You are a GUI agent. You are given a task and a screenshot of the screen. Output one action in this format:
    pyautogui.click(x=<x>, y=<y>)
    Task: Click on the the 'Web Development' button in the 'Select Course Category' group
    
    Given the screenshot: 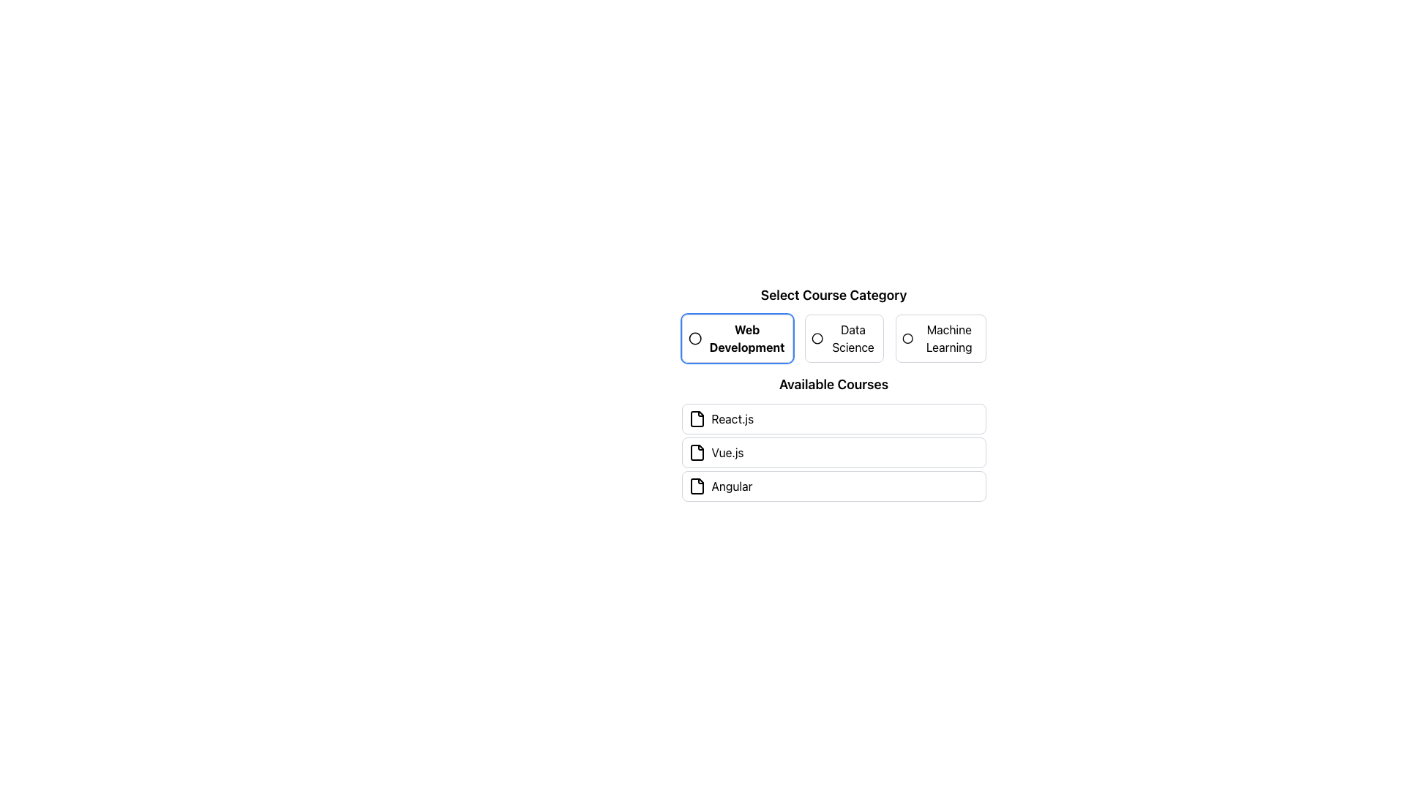 What is the action you would take?
    pyautogui.click(x=737, y=338)
    